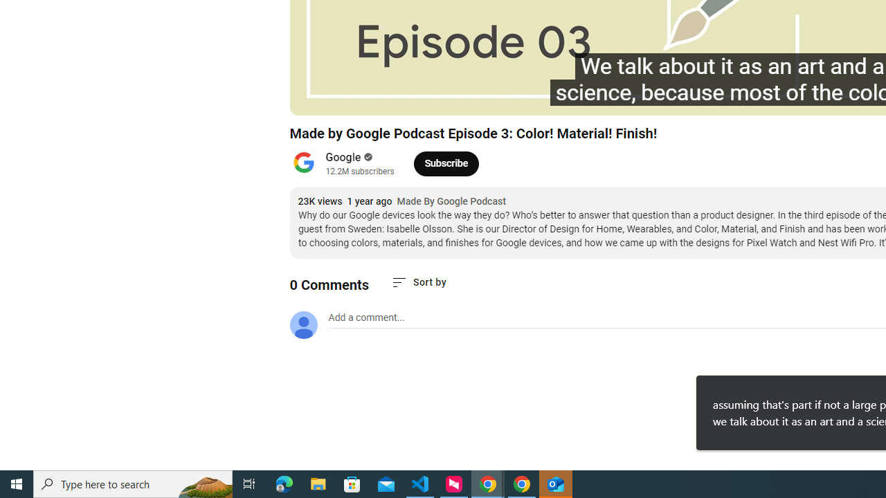 The width and height of the screenshot is (886, 498). I want to click on 'Google Chrome - 3 running windows', so click(488, 483).